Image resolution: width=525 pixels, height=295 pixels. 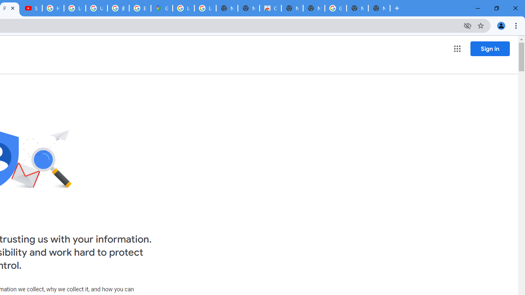 I want to click on 'How Chrome protects your passwords - Google Chrome Help', so click(x=52, y=8).